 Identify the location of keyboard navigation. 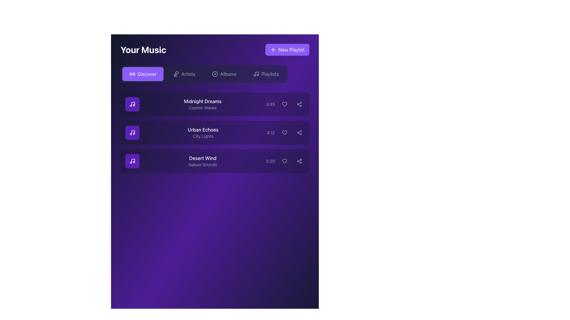
(204, 74).